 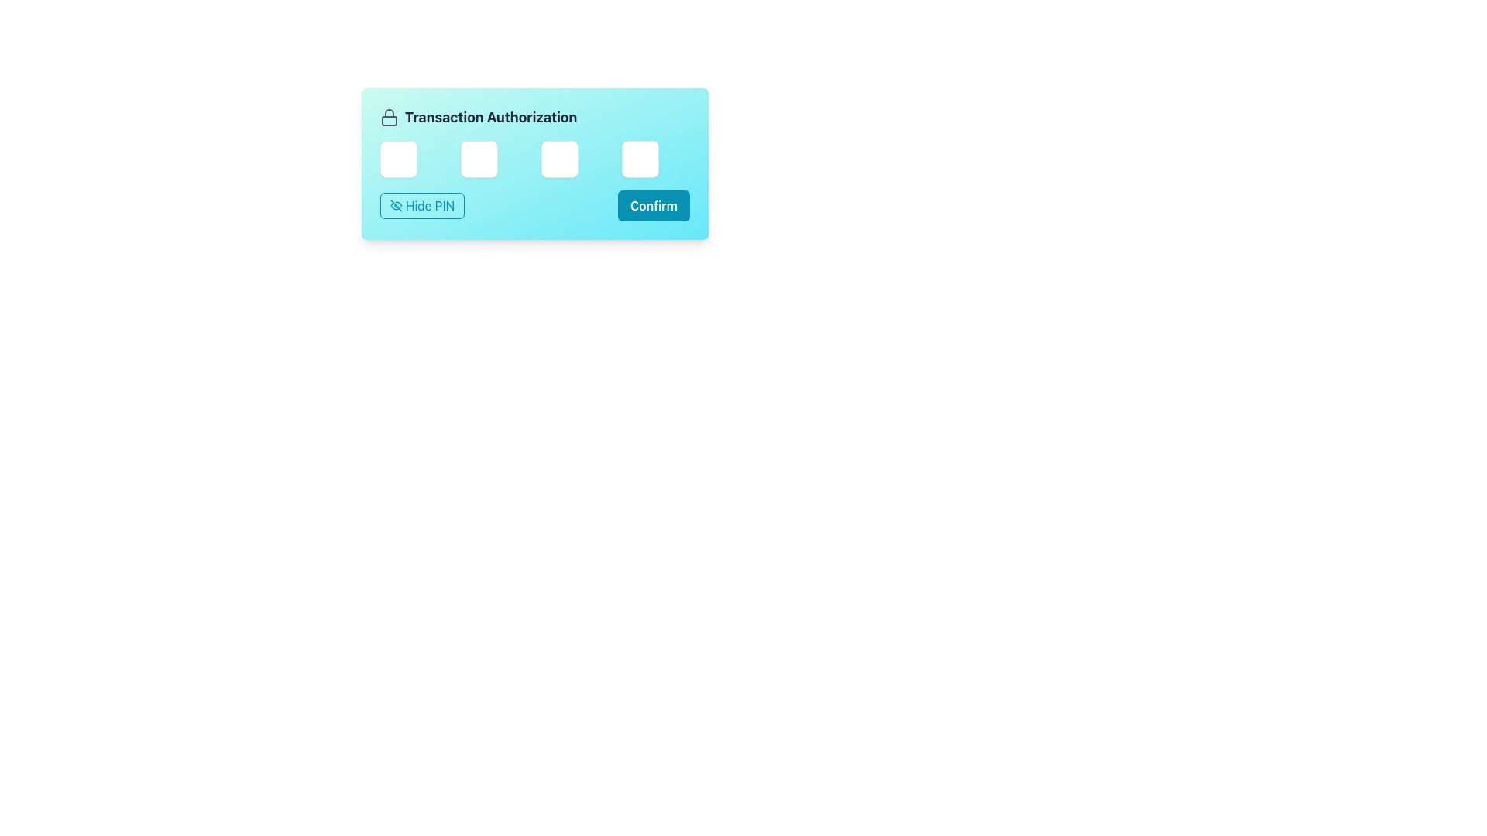 What do you see at coordinates (397, 205) in the screenshot?
I see `the 'Hide PIN' button which contains an eye icon with a diagonal line, indicating a 'hidden' function, located in the 'Transaction Authorization' modal` at bounding box center [397, 205].